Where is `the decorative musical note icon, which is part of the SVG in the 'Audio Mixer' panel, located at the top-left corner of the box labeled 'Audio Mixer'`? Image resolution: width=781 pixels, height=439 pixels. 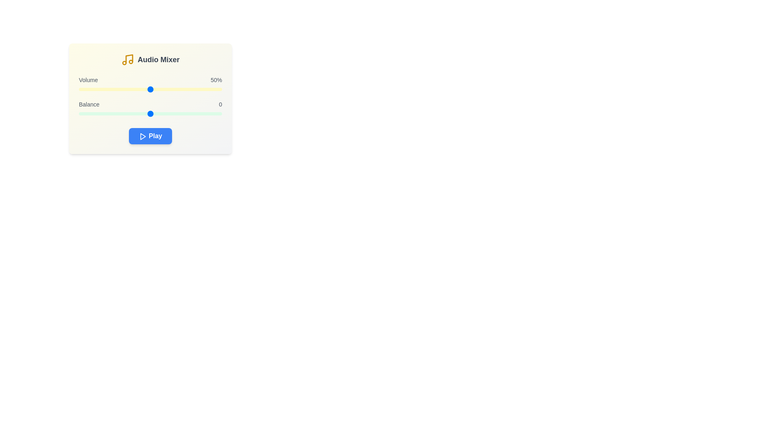
the decorative musical note icon, which is part of the SVG in the 'Audio Mixer' panel, located at the top-left corner of the box labeled 'Audio Mixer' is located at coordinates (129, 59).